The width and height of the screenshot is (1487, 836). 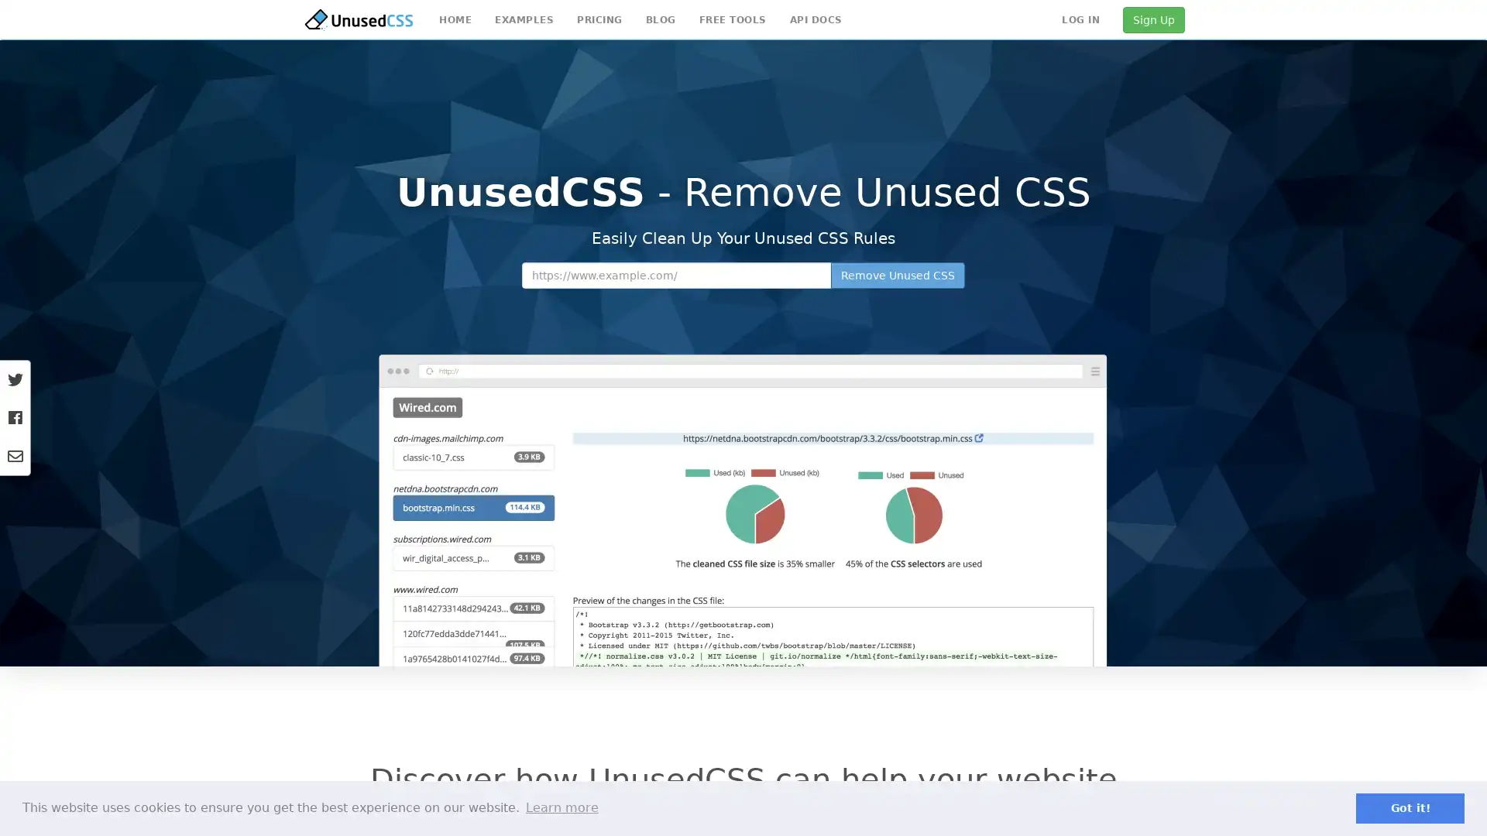 What do you see at coordinates (561, 807) in the screenshot?
I see `learn more about cookies` at bounding box center [561, 807].